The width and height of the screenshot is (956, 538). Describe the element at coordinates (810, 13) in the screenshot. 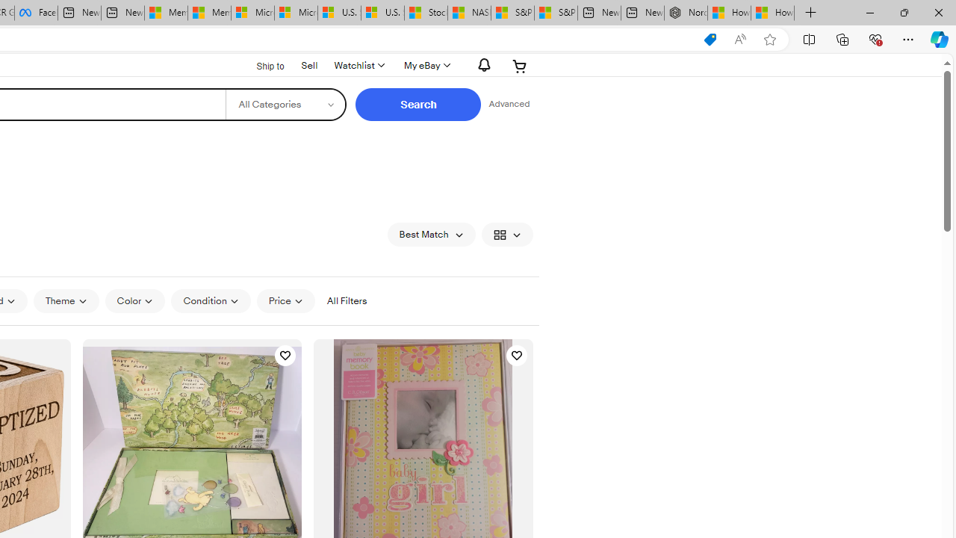

I see `'New Tab'` at that location.